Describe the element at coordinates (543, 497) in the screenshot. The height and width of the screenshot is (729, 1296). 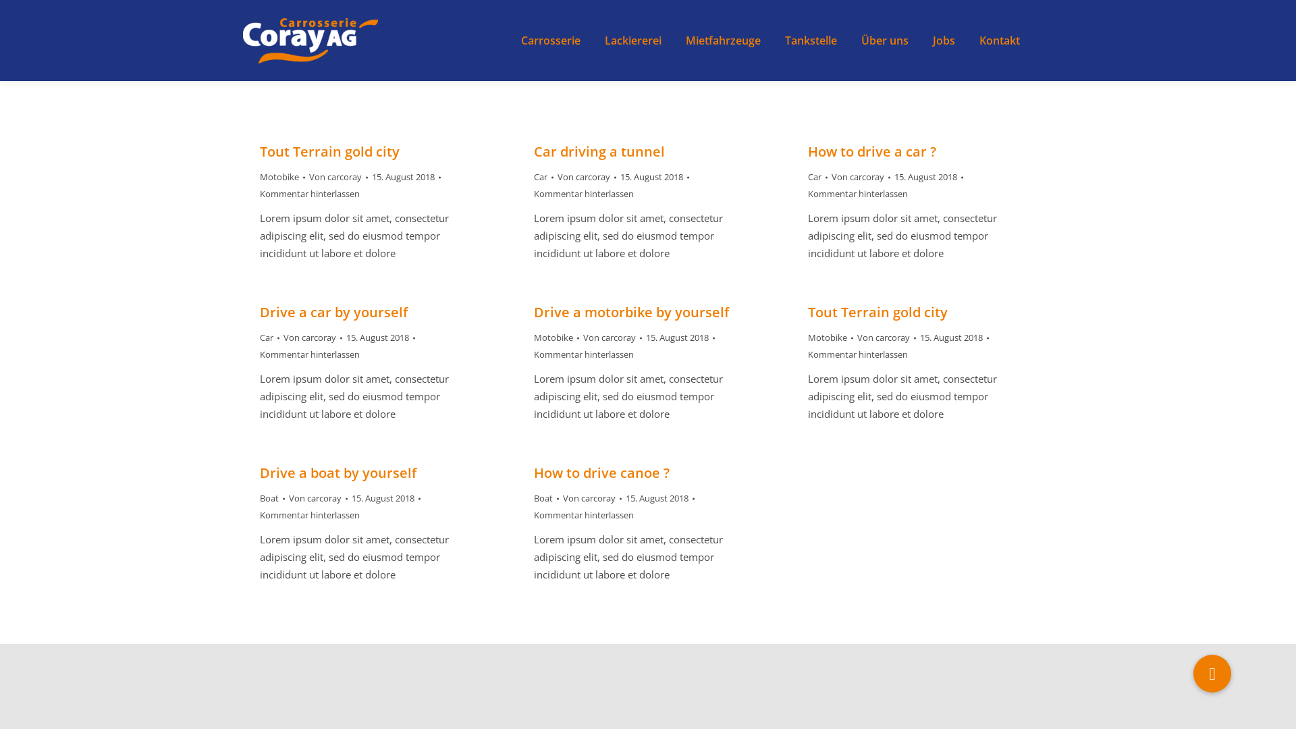
I see `'Boat'` at that location.